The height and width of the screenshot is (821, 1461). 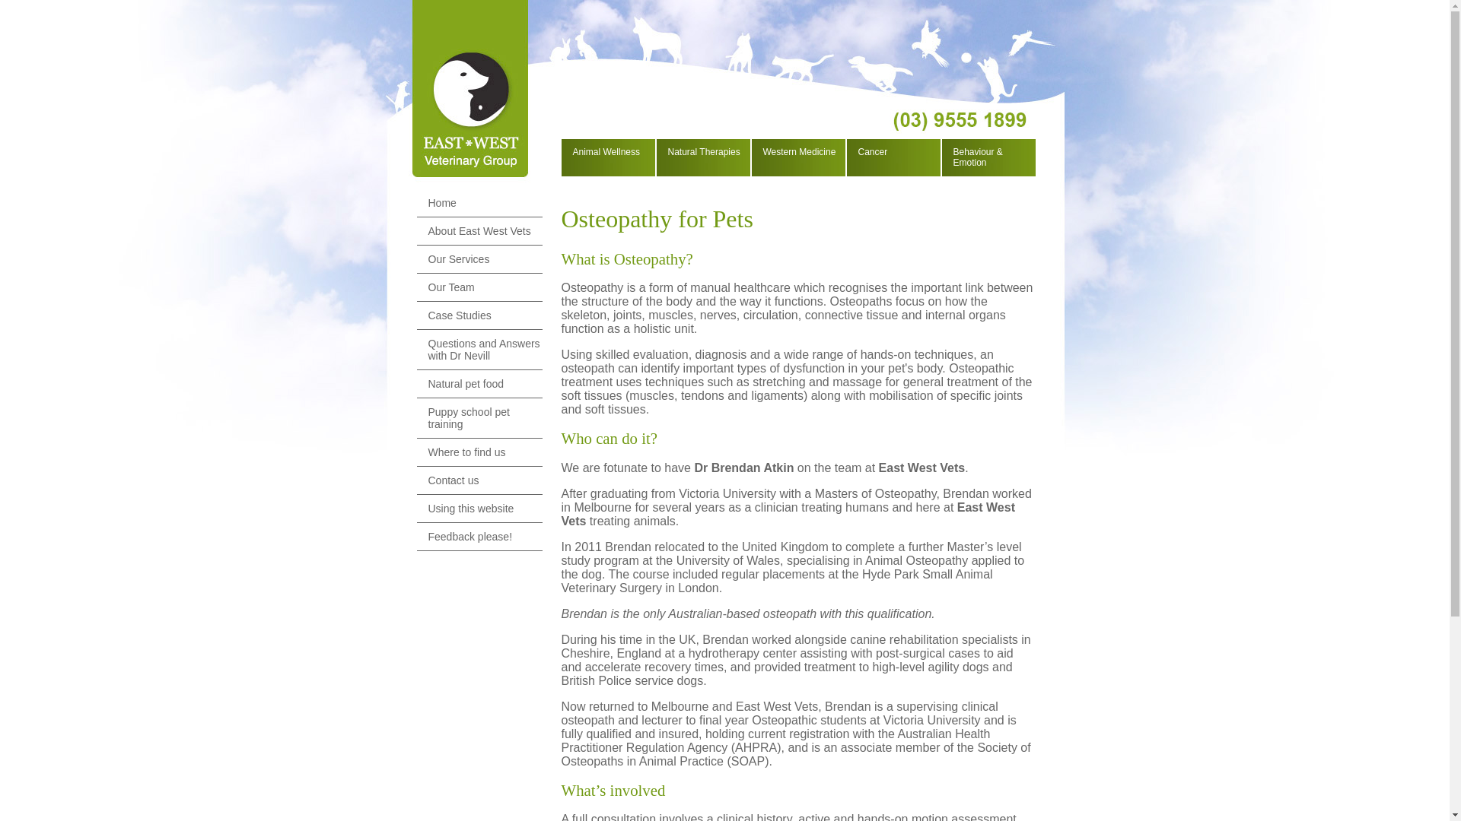 I want to click on 'Home', so click(x=479, y=202).